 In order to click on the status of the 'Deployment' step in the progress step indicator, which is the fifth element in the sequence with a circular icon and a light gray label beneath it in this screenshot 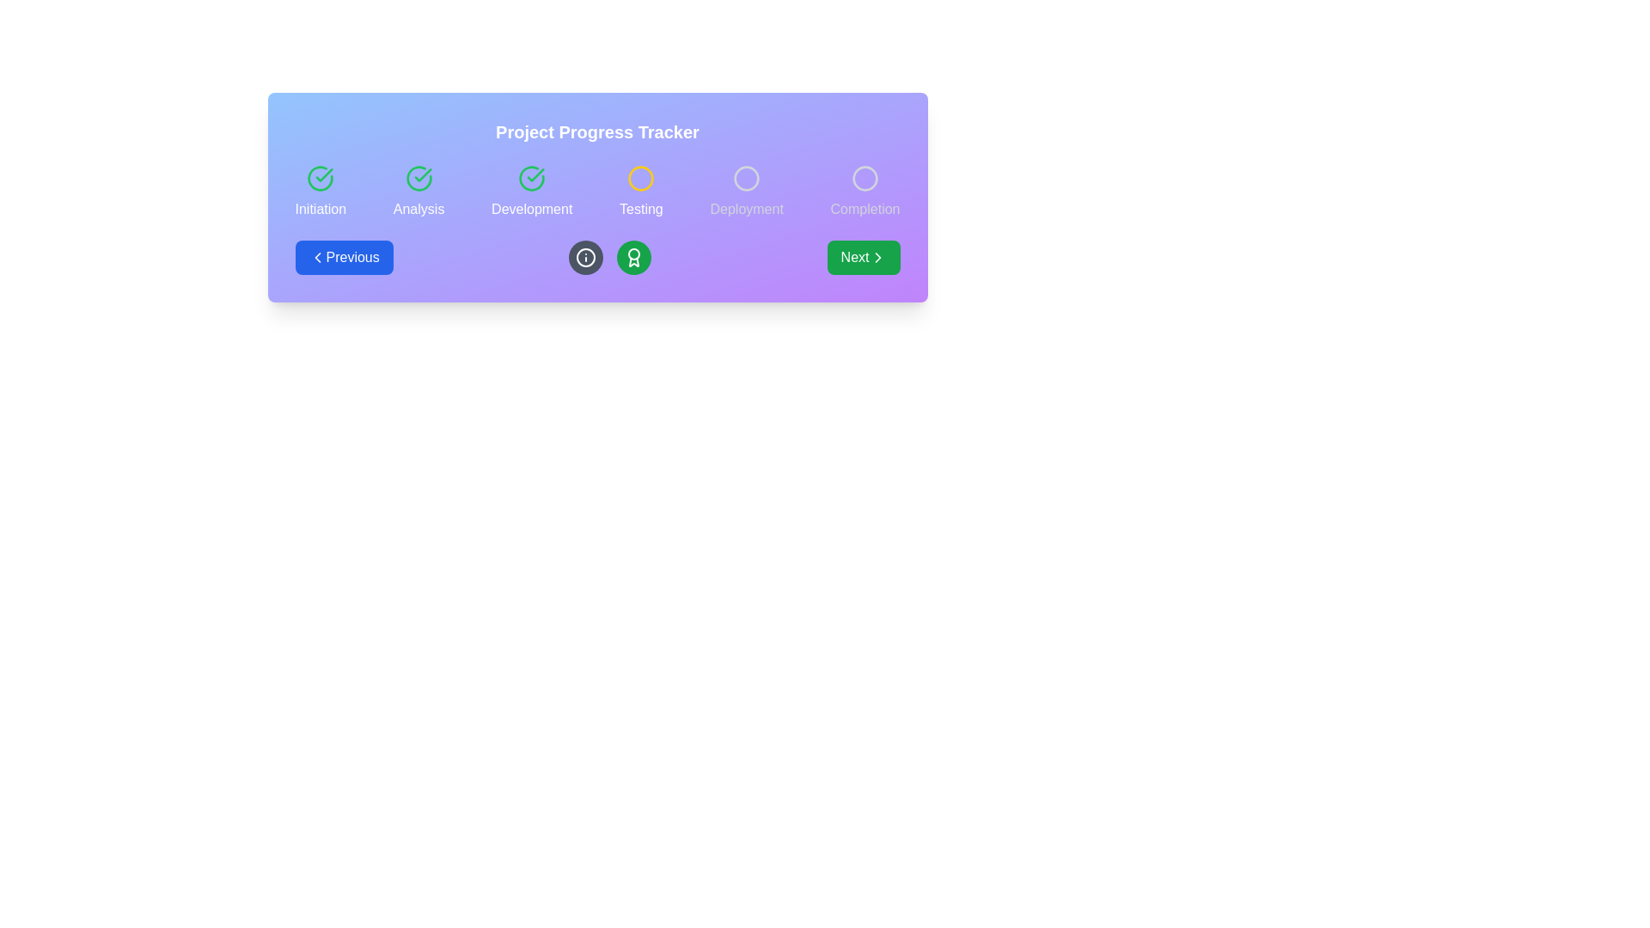, I will do `click(747, 192)`.